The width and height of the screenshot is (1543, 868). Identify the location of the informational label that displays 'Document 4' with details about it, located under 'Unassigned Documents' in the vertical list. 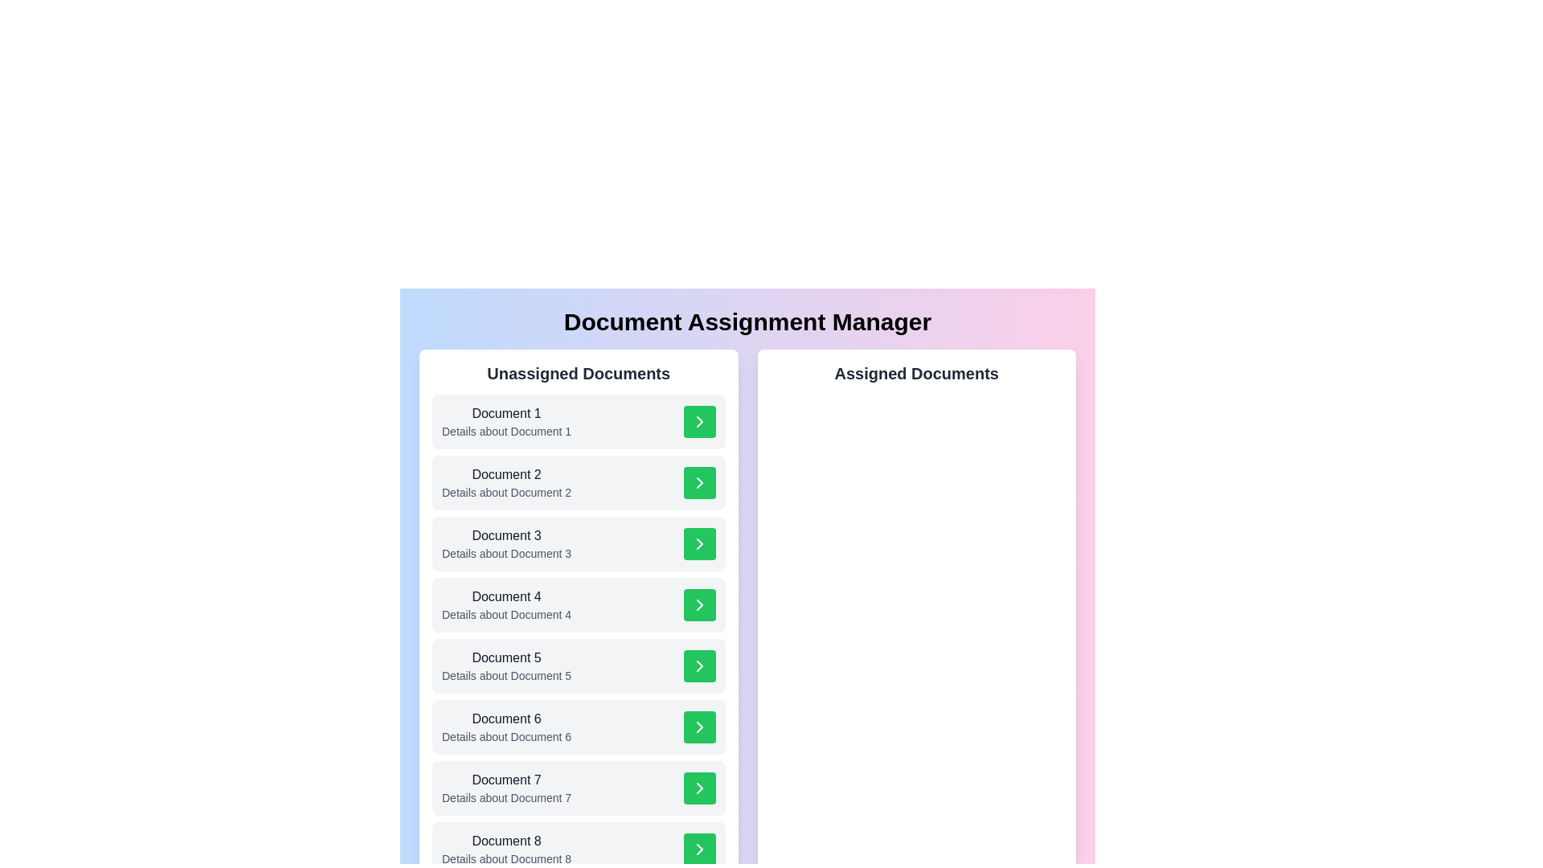
(505, 604).